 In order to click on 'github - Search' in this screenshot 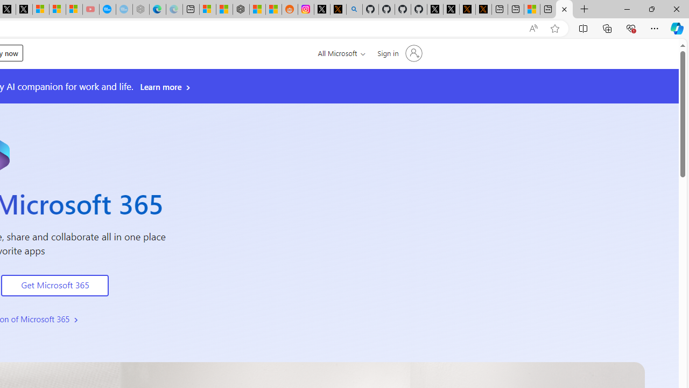, I will do `click(354, 9)`.